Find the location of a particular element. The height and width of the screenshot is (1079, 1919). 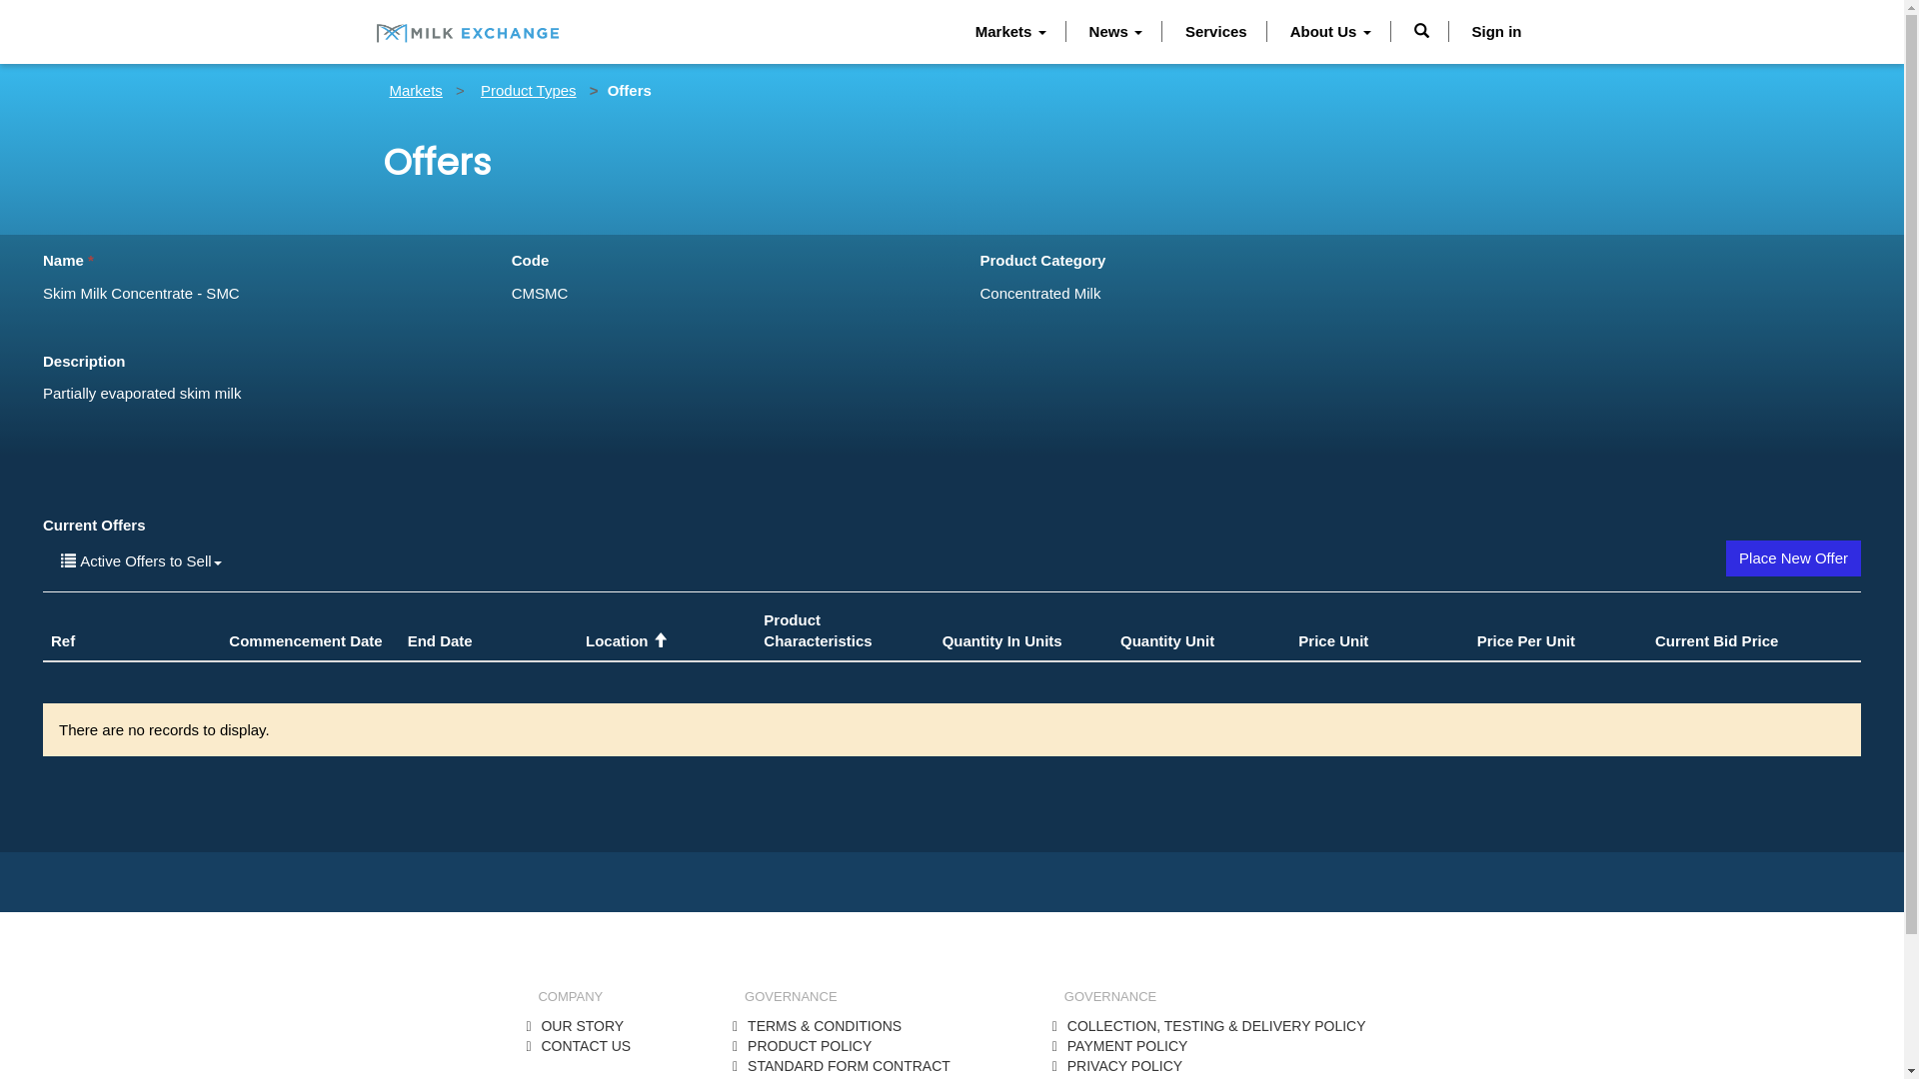

'Commencement Date is located at coordinates (304, 640).